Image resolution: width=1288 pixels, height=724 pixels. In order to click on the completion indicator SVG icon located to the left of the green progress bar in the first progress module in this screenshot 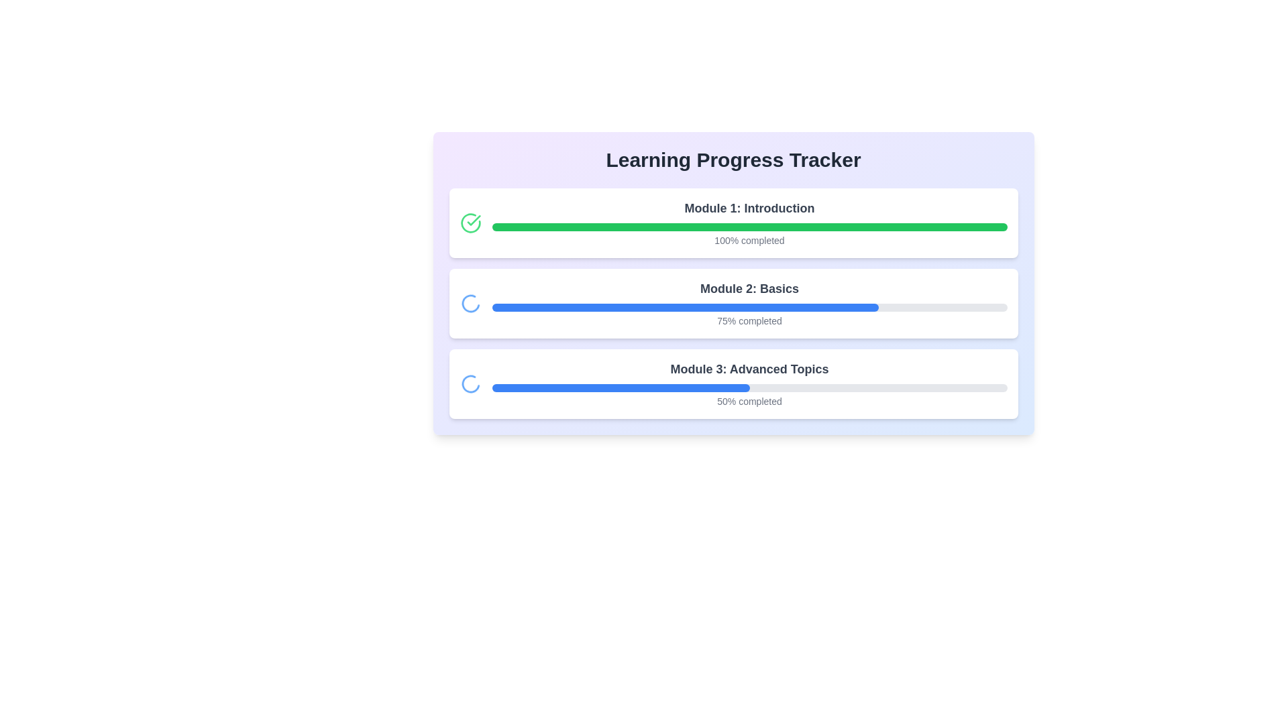, I will do `click(474, 219)`.